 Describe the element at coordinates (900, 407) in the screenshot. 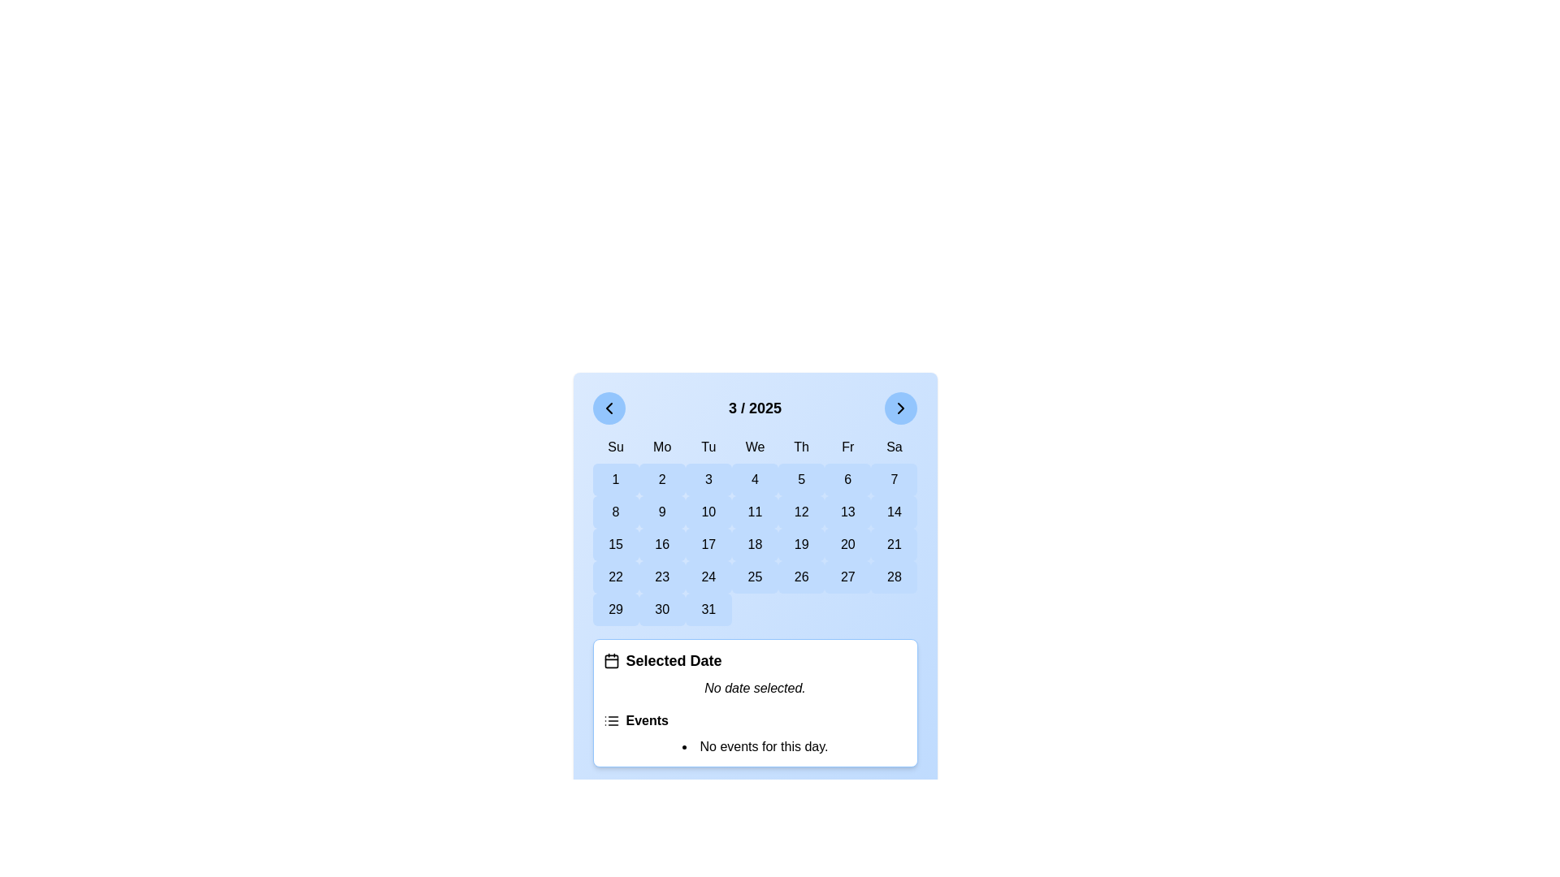

I see `the rightward-pointing arrow icon located at the top-right corner of the calendar interface, adjacent to the '3 / 2025' label, to trigger visual feedback` at that location.